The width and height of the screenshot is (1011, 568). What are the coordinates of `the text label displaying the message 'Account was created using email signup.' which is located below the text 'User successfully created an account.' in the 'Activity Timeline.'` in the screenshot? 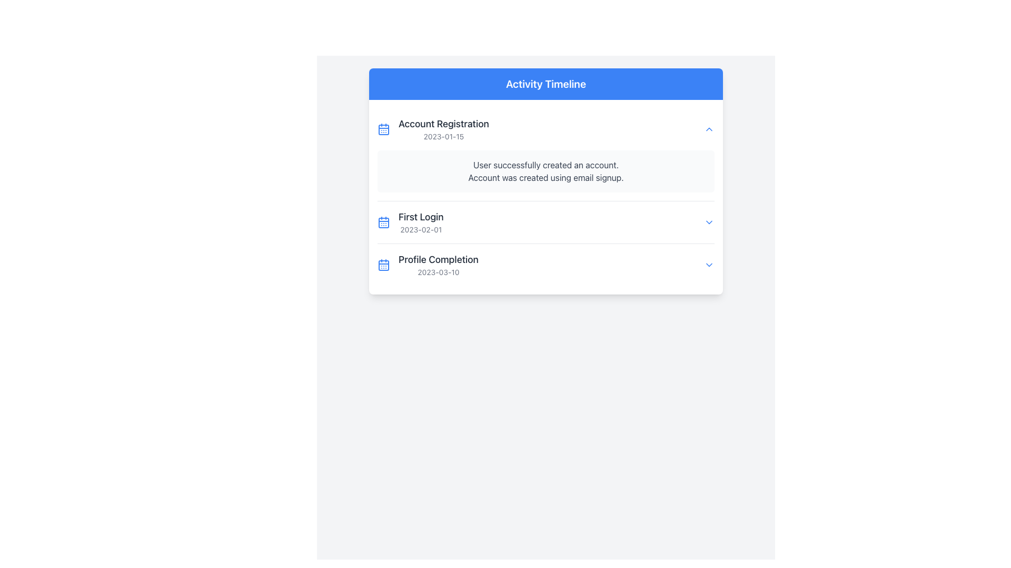 It's located at (546, 177).